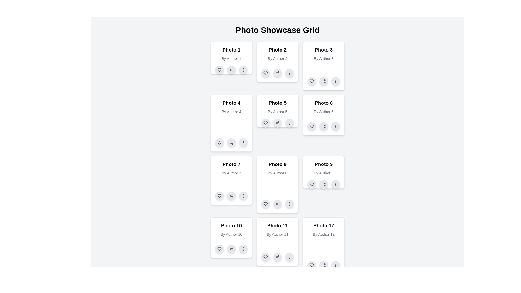 The width and height of the screenshot is (521, 293). What do you see at coordinates (231, 196) in the screenshot?
I see `the sharing button located at the middle of the third row in a grid layout, which is the second button in the bottom row of the card labeled 'Photo 7 by Author 7'` at bounding box center [231, 196].